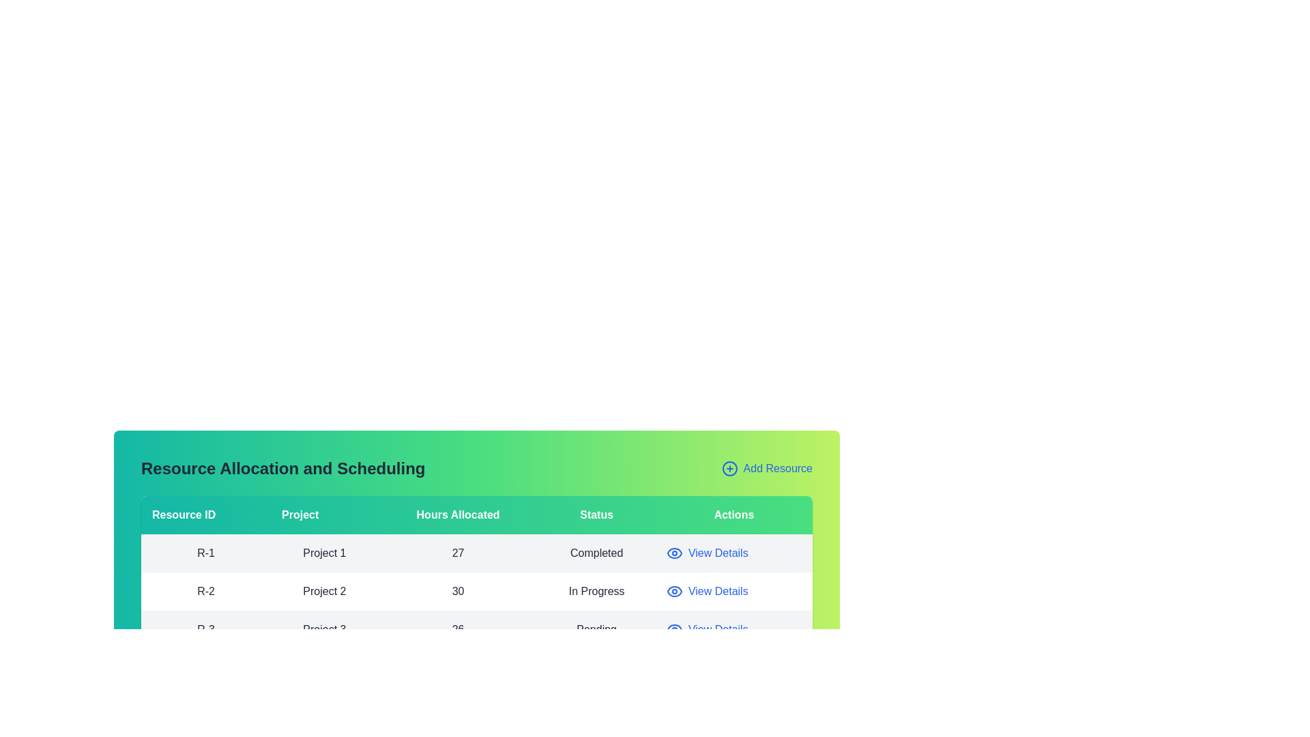 The width and height of the screenshot is (1310, 737). Describe the element at coordinates (323, 515) in the screenshot. I see `the column header labeled 'Project' to sort the table by that column` at that location.